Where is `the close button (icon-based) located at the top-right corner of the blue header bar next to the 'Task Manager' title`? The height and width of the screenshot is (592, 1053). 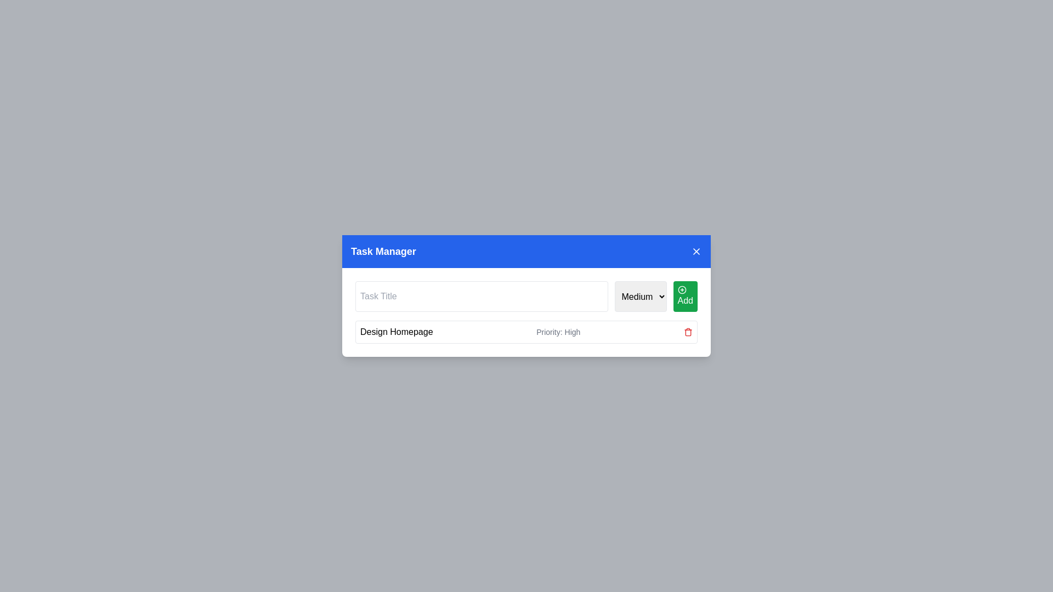 the close button (icon-based) located at the top-right corner of the blue header bar next to the 'Task Manager' title is located at coordinates (696, 252).